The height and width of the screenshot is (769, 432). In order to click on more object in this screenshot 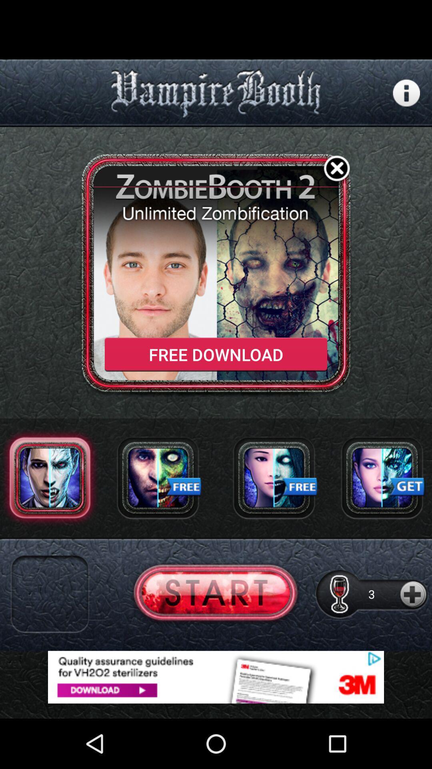, I will do `click(414, 594)`.